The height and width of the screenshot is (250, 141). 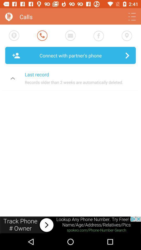 What do you see at coordinates (132, 17) in the screenshot?
I see `click for home dropdown` at bounding box center [132, 17].